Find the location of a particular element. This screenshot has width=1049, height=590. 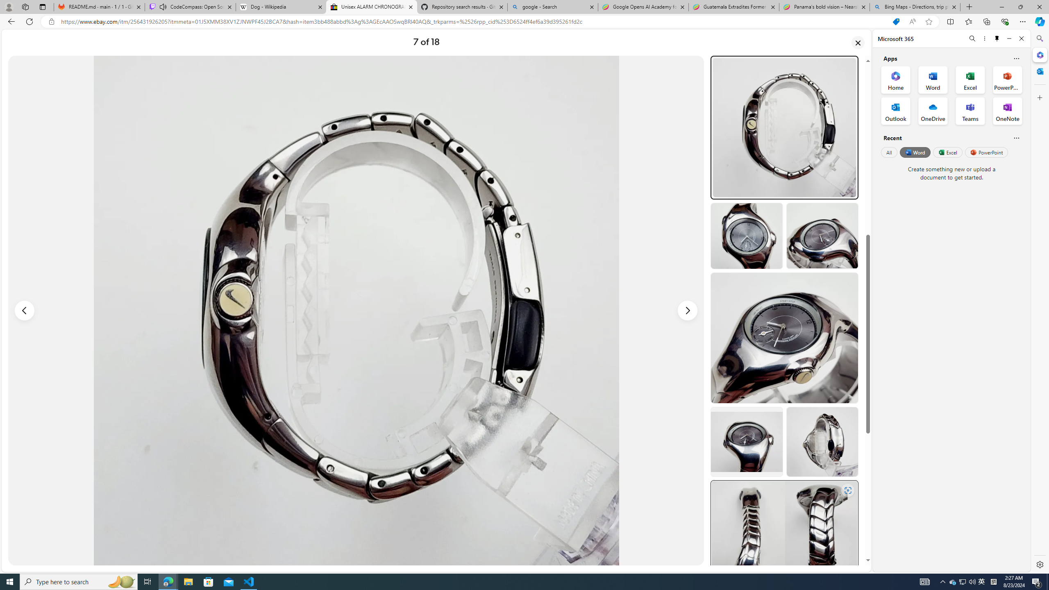

'Google Opens AI Academy for Startups - Nearshore Americas' is located at coordinates (643, 7).